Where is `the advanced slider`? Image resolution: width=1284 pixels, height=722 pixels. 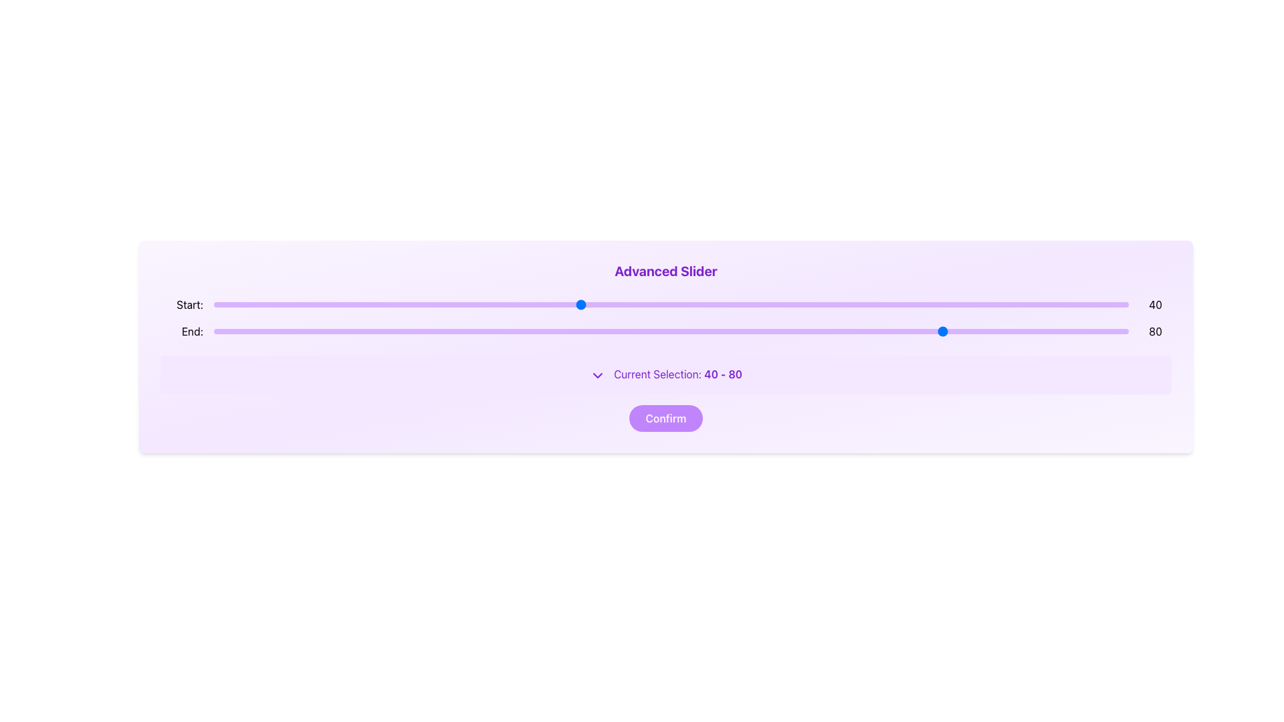 the advanced slider is located at coordinates (588, 304).